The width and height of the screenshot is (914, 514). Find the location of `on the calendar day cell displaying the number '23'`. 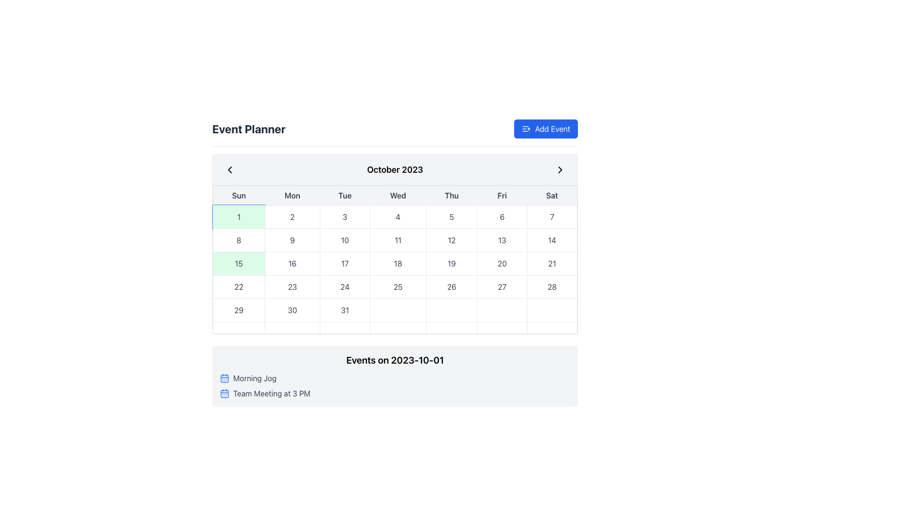

on the calendar day cell displaying the number '23' is located at coordinates (292, 286).